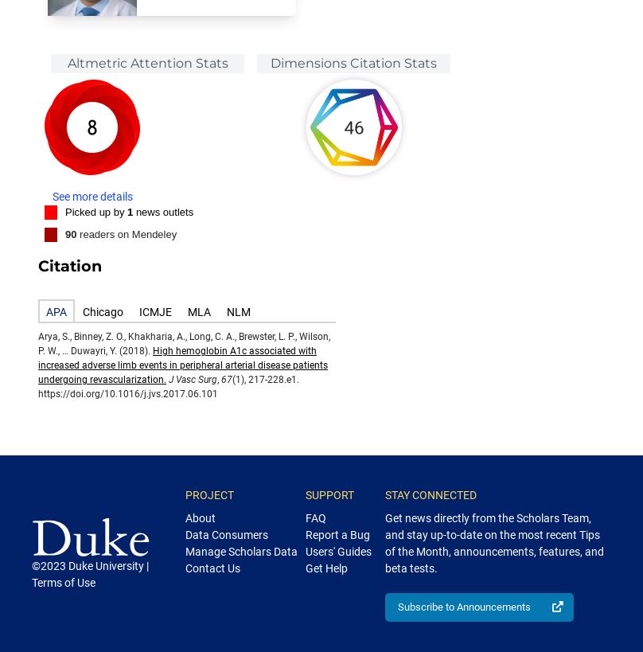  I want to click on 'Get Help', so click(326, 568).